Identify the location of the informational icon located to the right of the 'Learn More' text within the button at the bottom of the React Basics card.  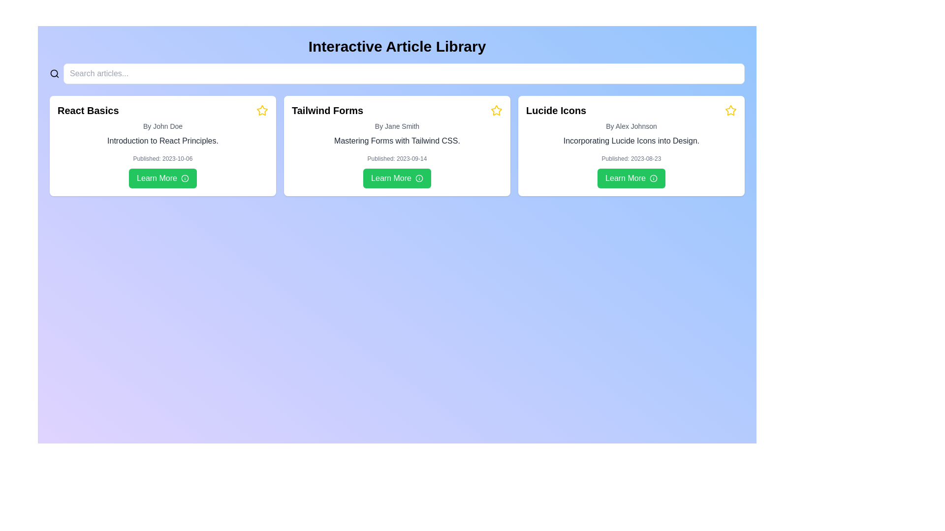
(185, 178).